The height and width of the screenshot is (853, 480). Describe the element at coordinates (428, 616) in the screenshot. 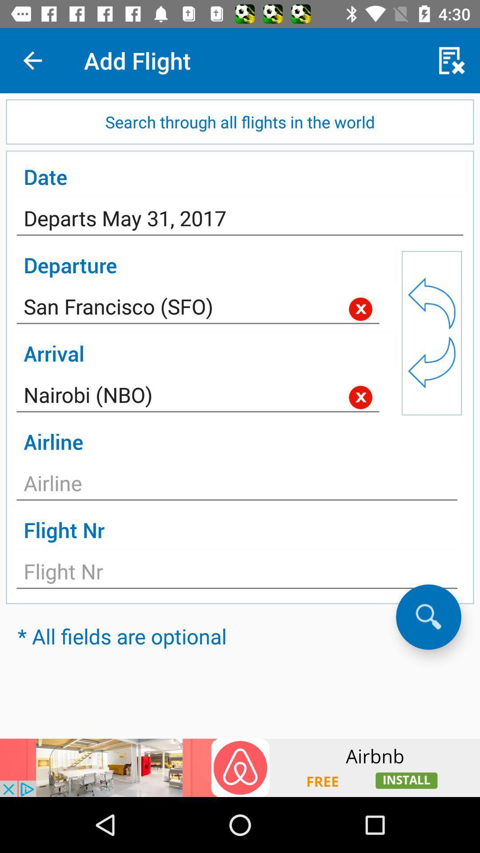

I see `all fields are optional` at that location.